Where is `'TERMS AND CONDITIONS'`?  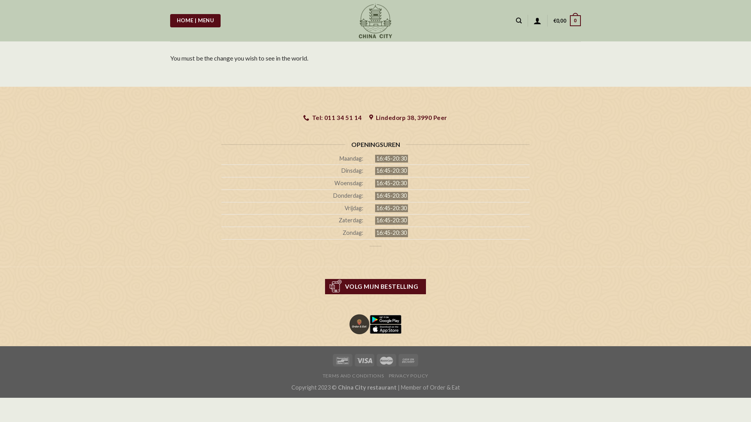
'TERMS AND CONDITIONS' is located at coordinates (352, 375).